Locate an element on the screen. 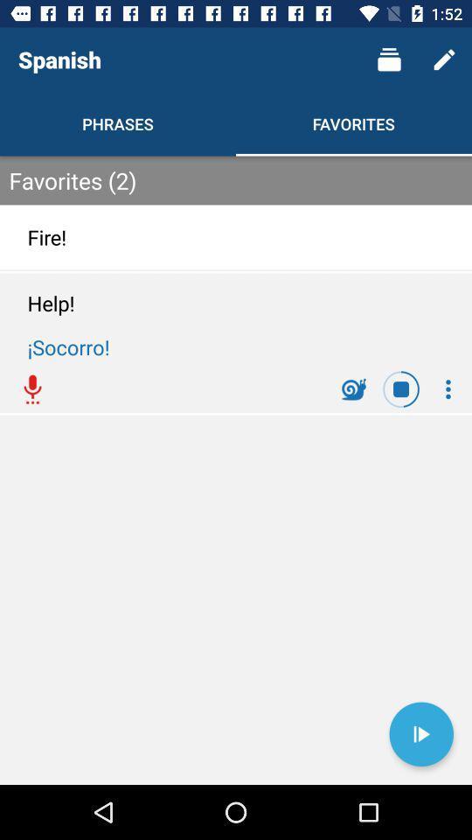  the item next to spanish item is located at coordinates (389, 59).